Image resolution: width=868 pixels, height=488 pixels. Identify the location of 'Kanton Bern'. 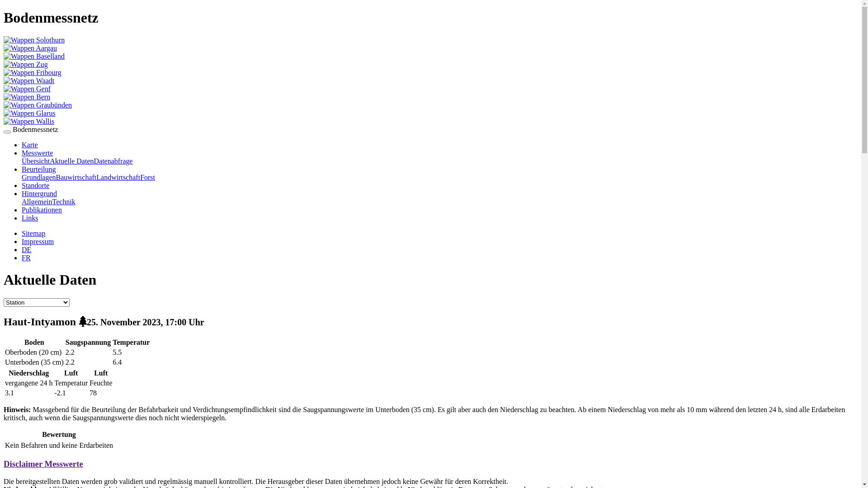
(27, 97).